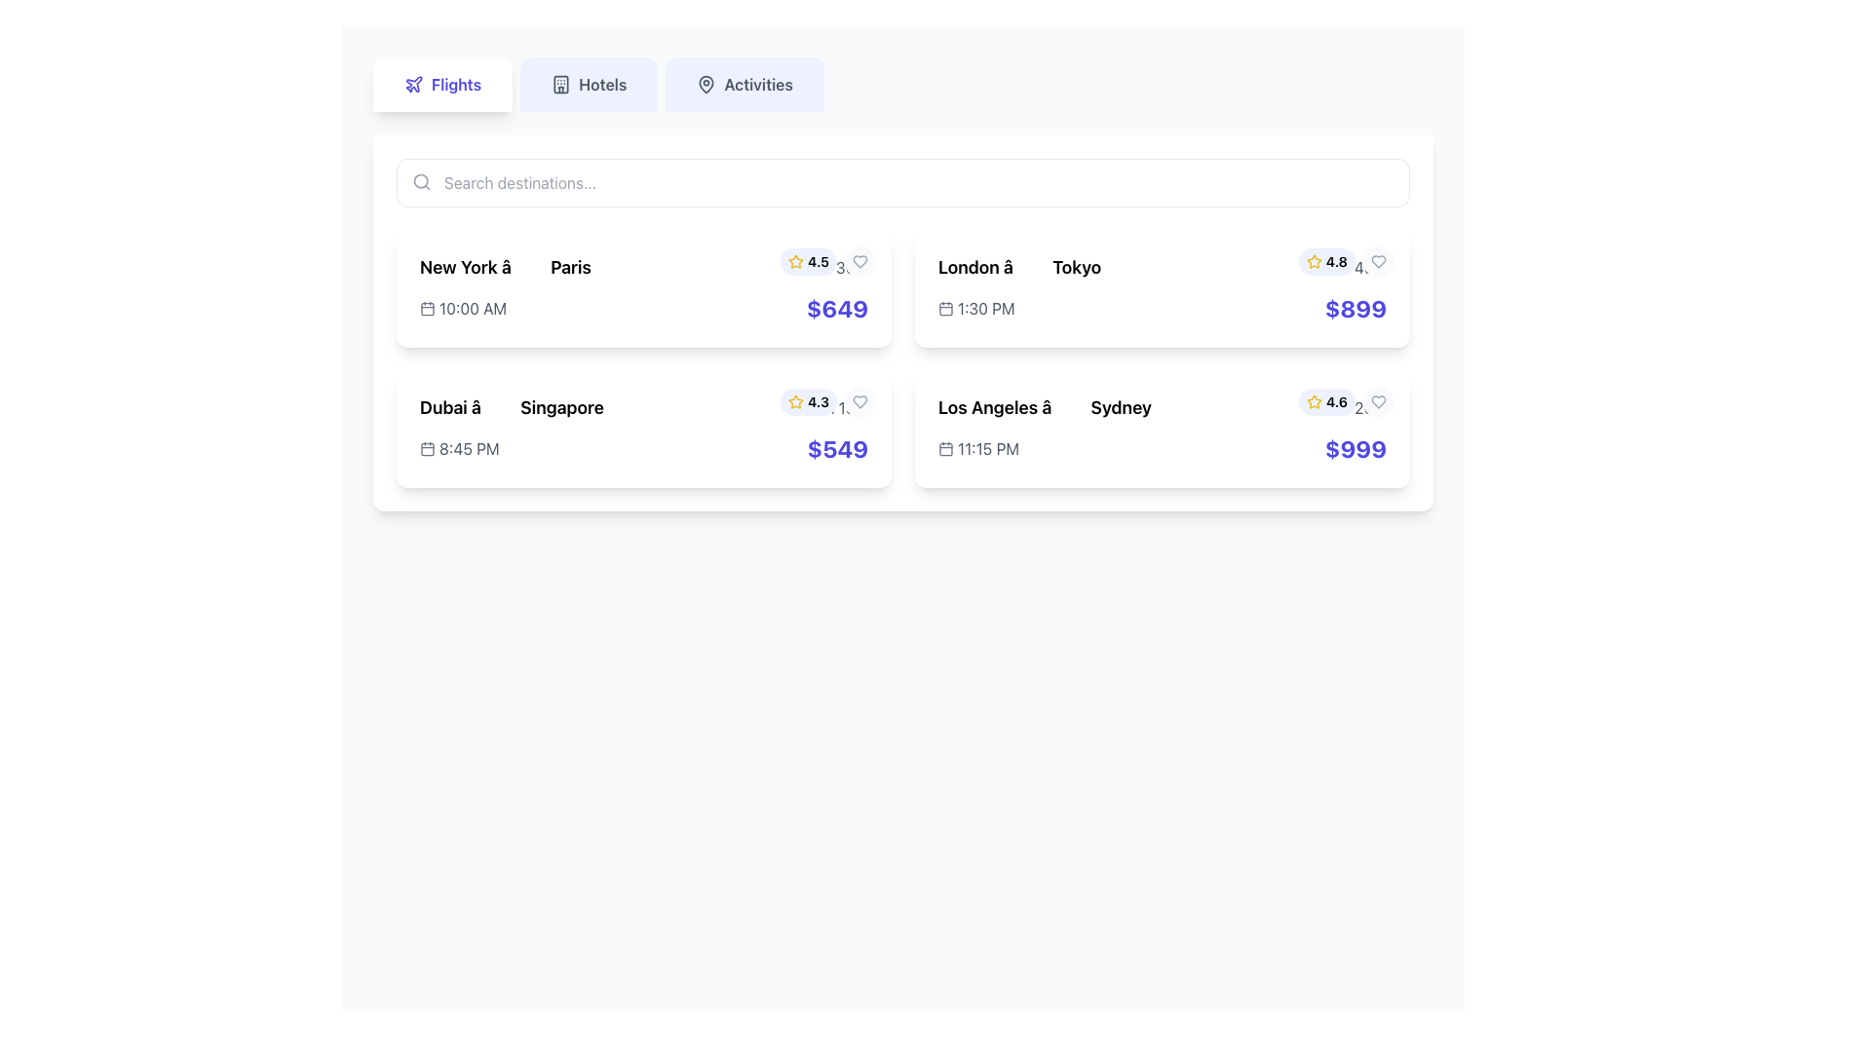 The width and height of the screenshot is (1871, 1052). Describe the element at coordinates (809, 400) in the screenshot. I see `the Badge displaying the flight option rating located in the middle-right area of the second card in the flight options grid` at that location.